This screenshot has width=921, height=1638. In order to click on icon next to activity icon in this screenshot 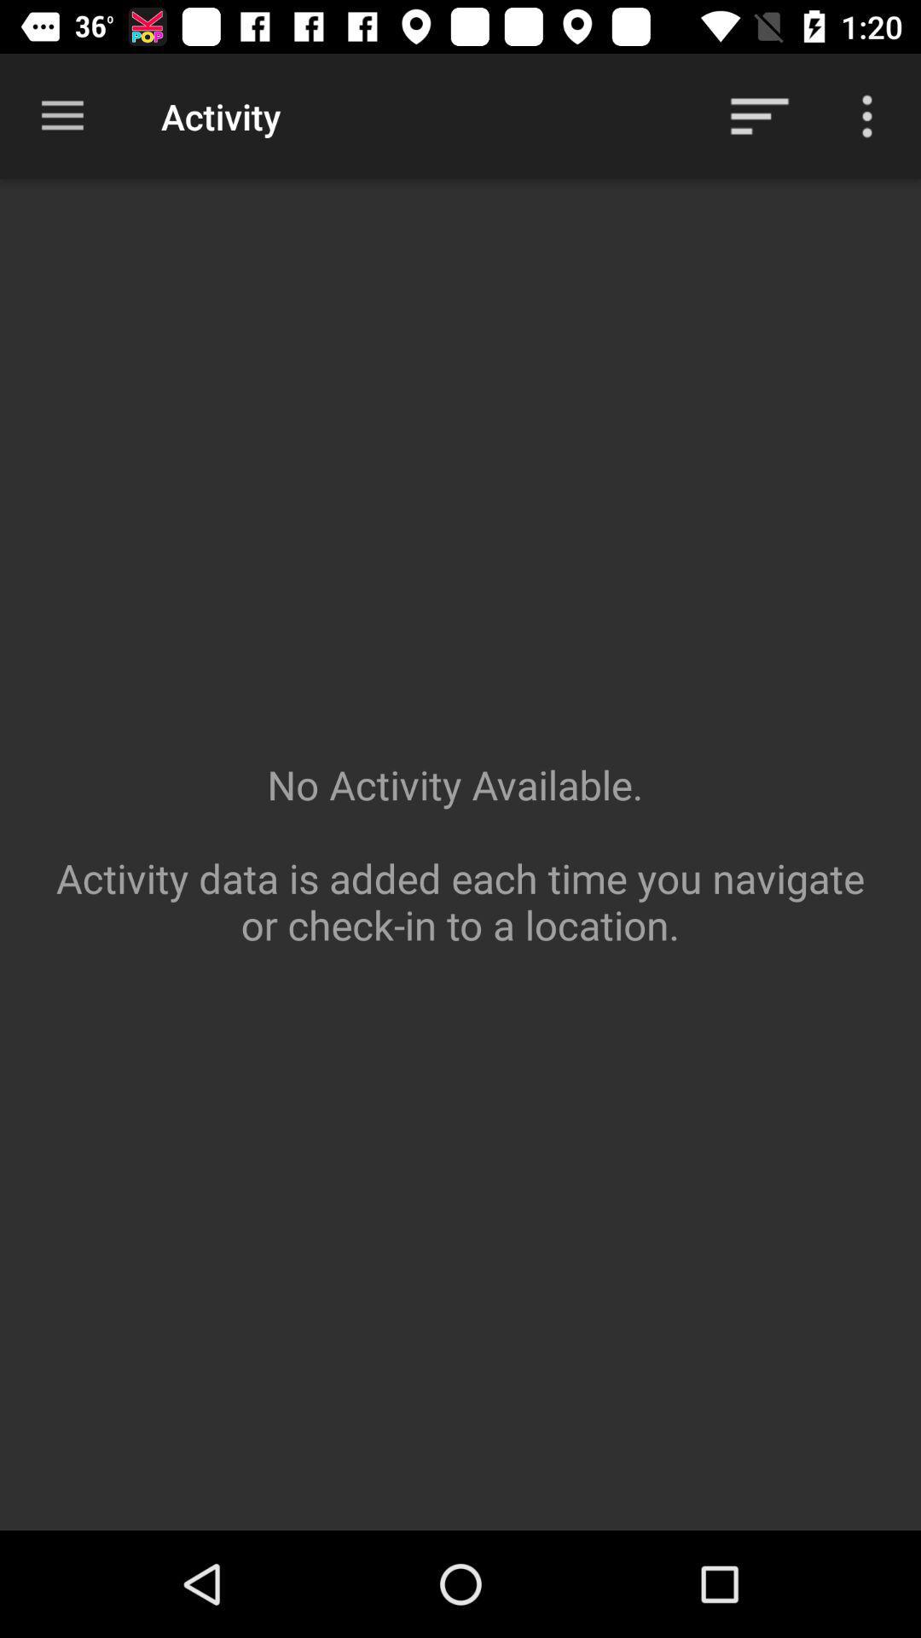, I will do `click(61, 115)`.